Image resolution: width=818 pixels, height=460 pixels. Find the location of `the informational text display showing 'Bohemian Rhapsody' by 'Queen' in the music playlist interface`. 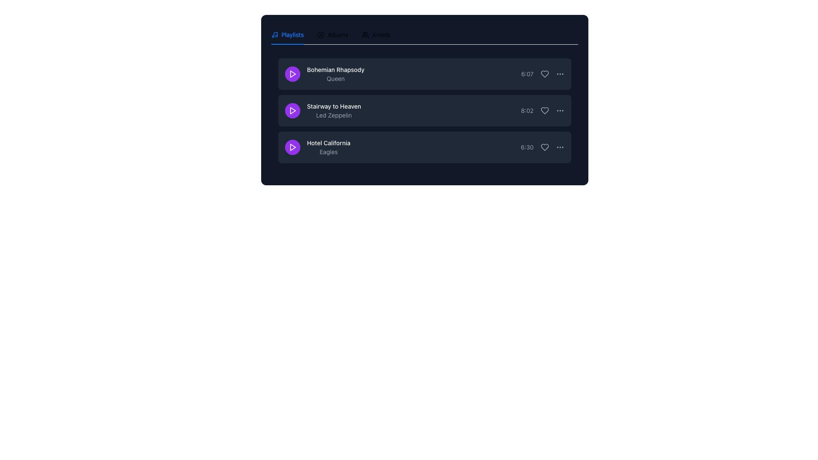

the informational text display showing 'Bohemian Rhapsody' by 'Queen' in the music playlist interface is located at coordinates (335, 73).